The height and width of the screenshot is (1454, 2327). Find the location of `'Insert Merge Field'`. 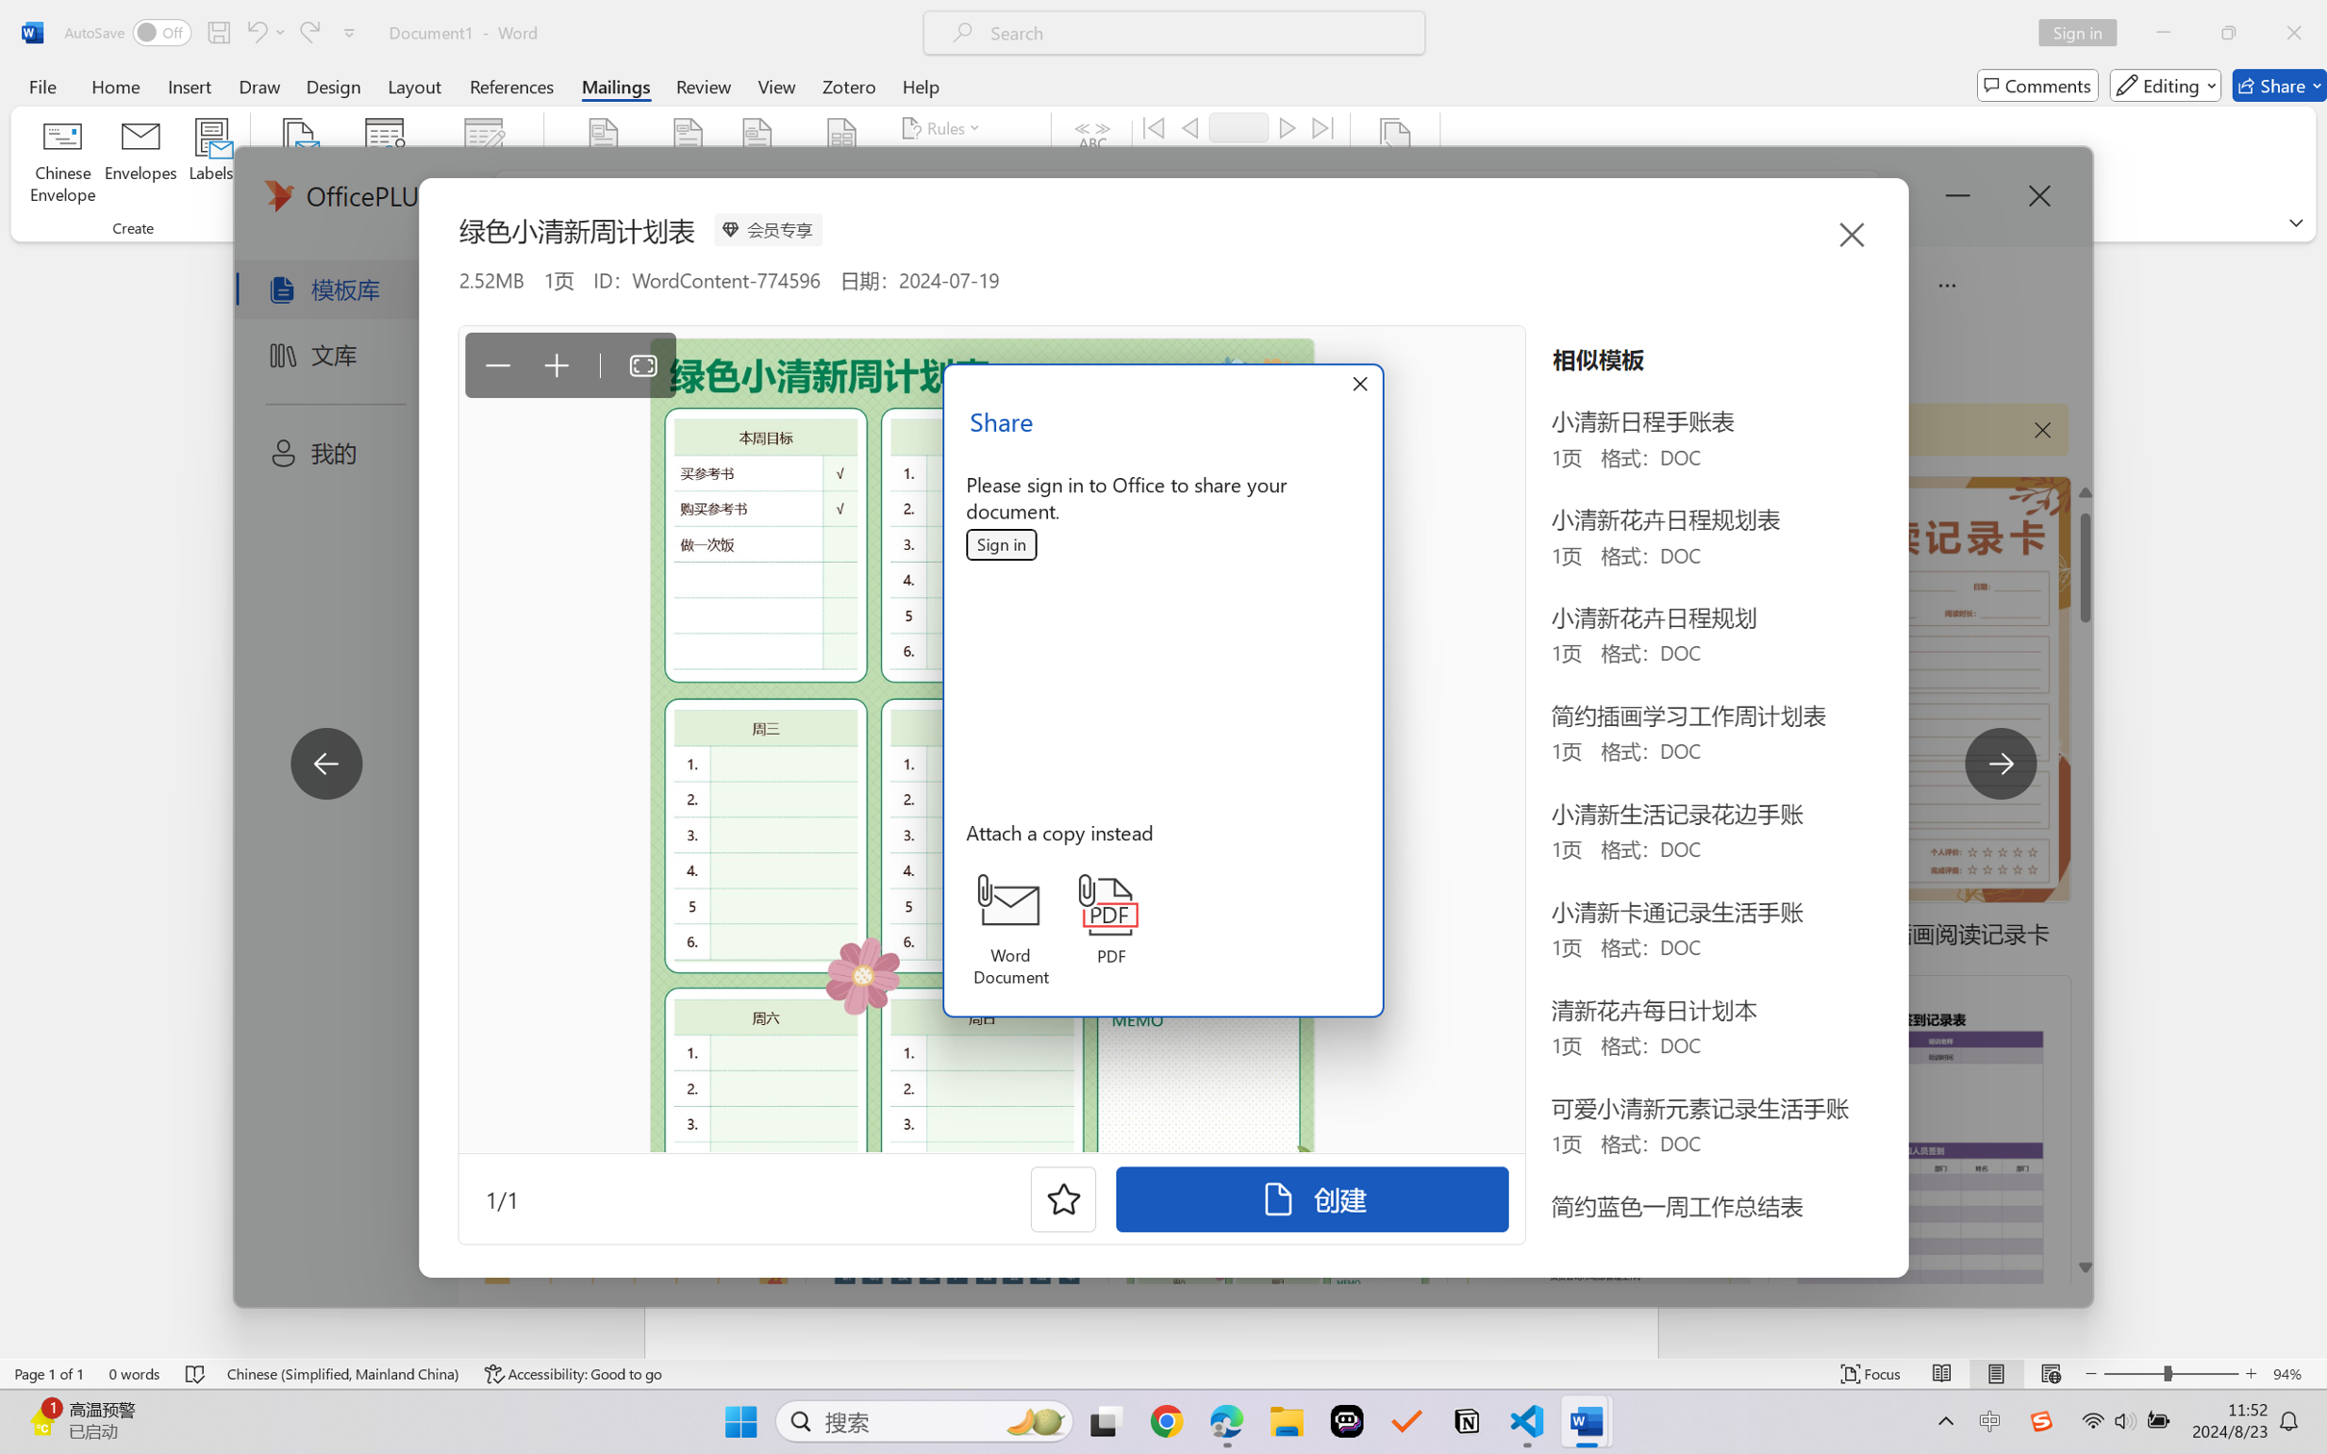

'Insert Merge Field' is located at coordinates (841, 163).